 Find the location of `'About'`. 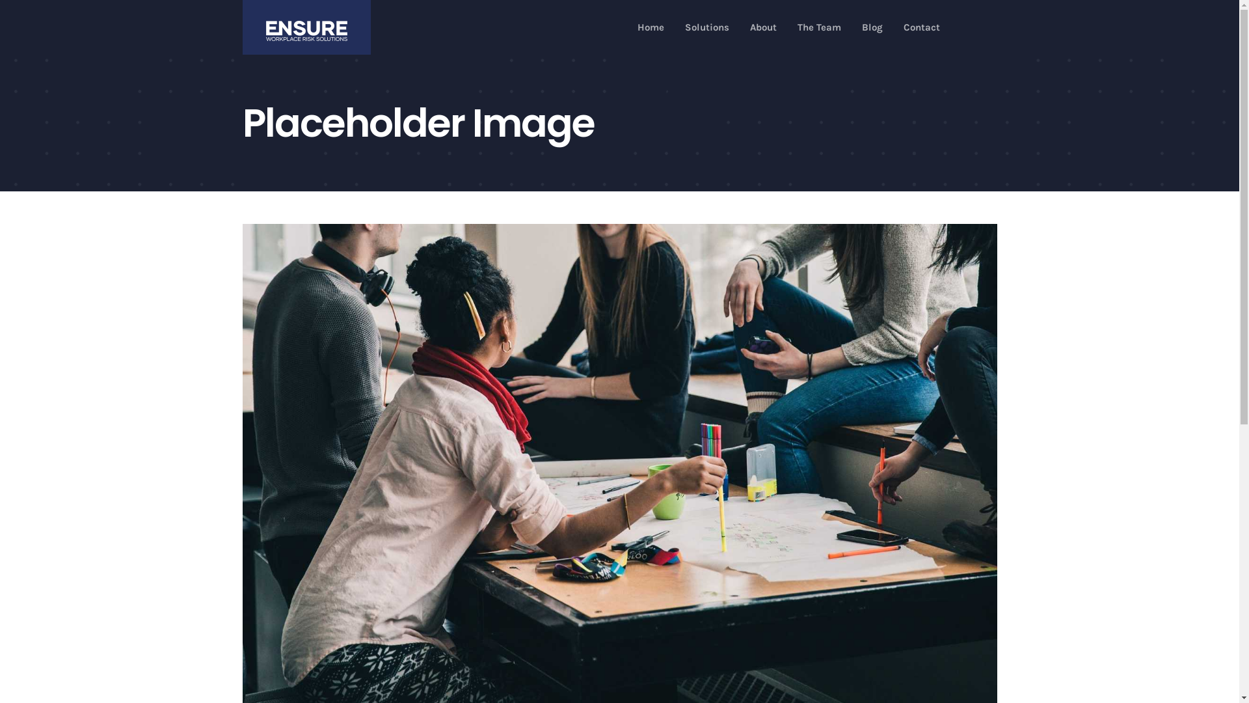

'About' is located at coordinates (763, 27).